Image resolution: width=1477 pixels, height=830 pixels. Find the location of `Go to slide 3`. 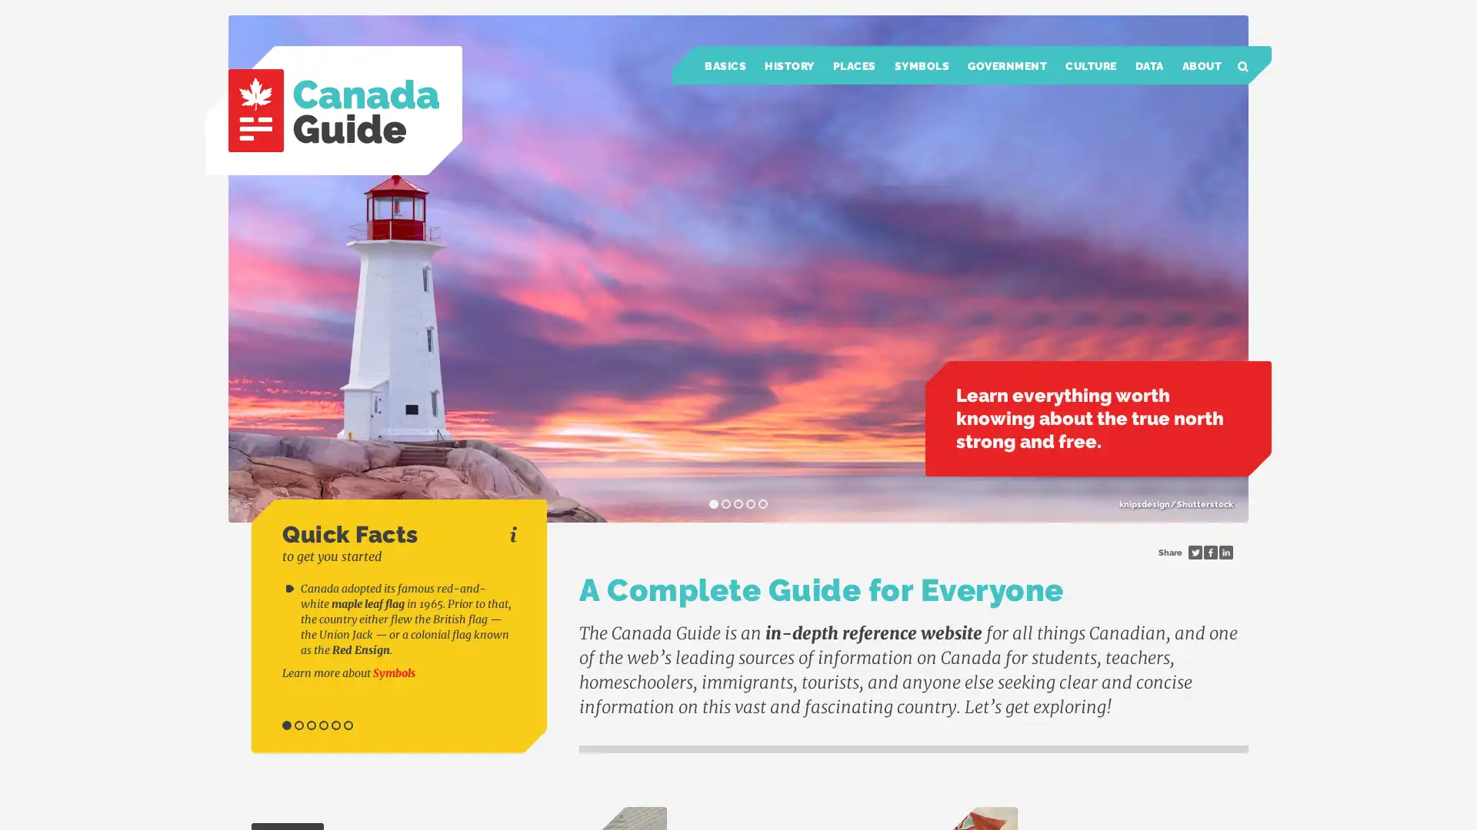

Go to slide 3 is located at coordinates (310, 725).